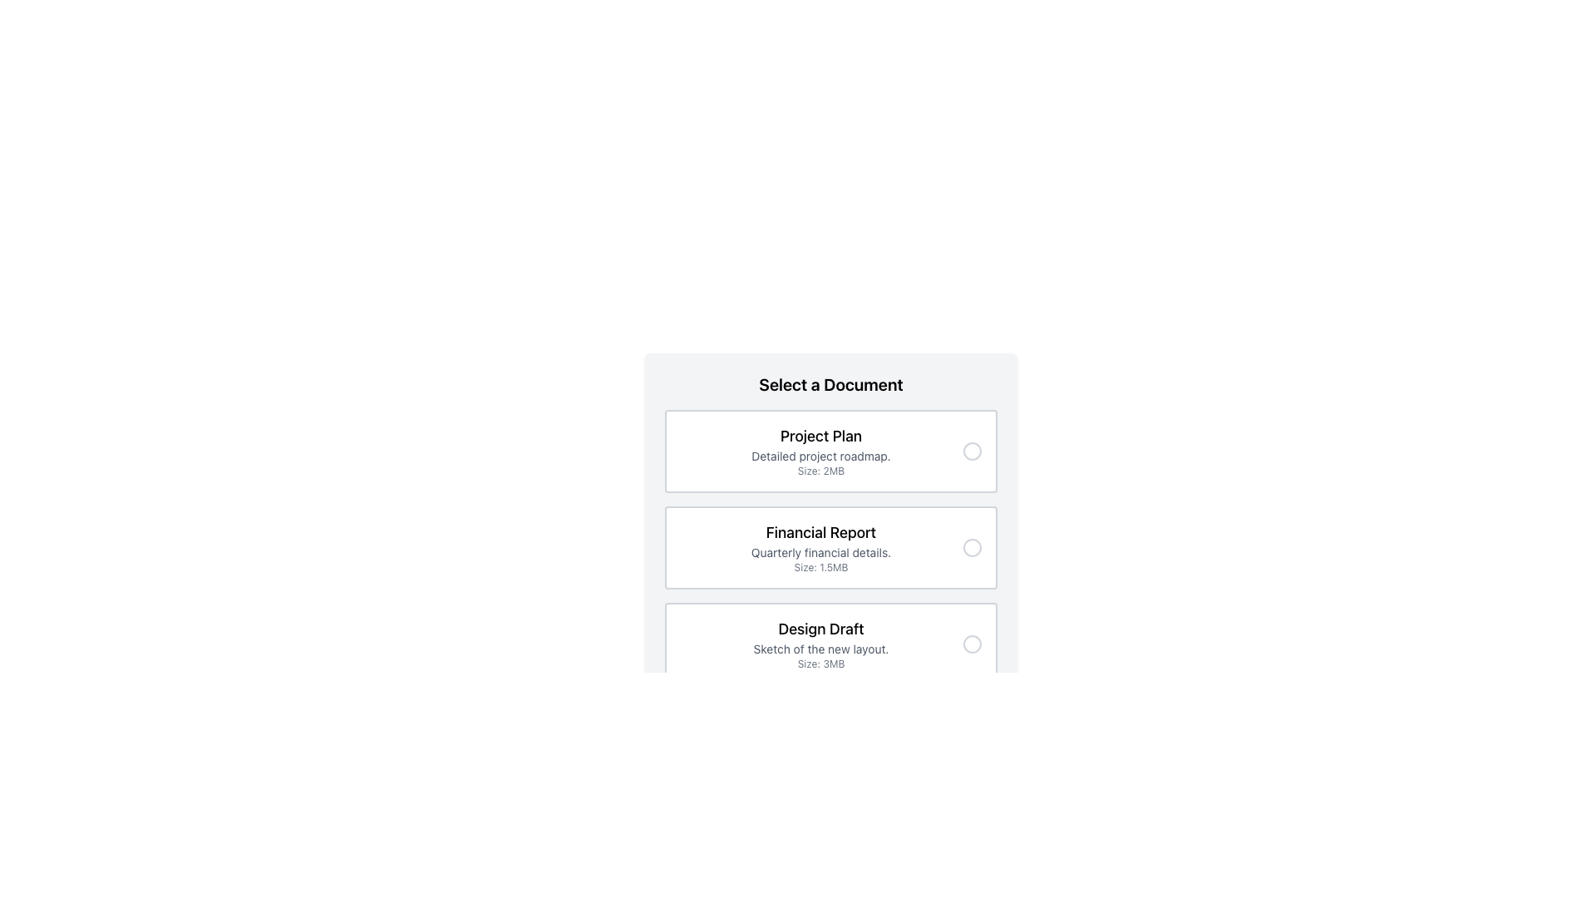 This screenshot has height=898, width=1596. What do you see at coordinates (821, 456) in the screenshot?
I see `the text label that reads 'Detailed project roadmap.' which is styled in gray and positioned under the heading 'Project Plan'` at bounding box center [821, 456].